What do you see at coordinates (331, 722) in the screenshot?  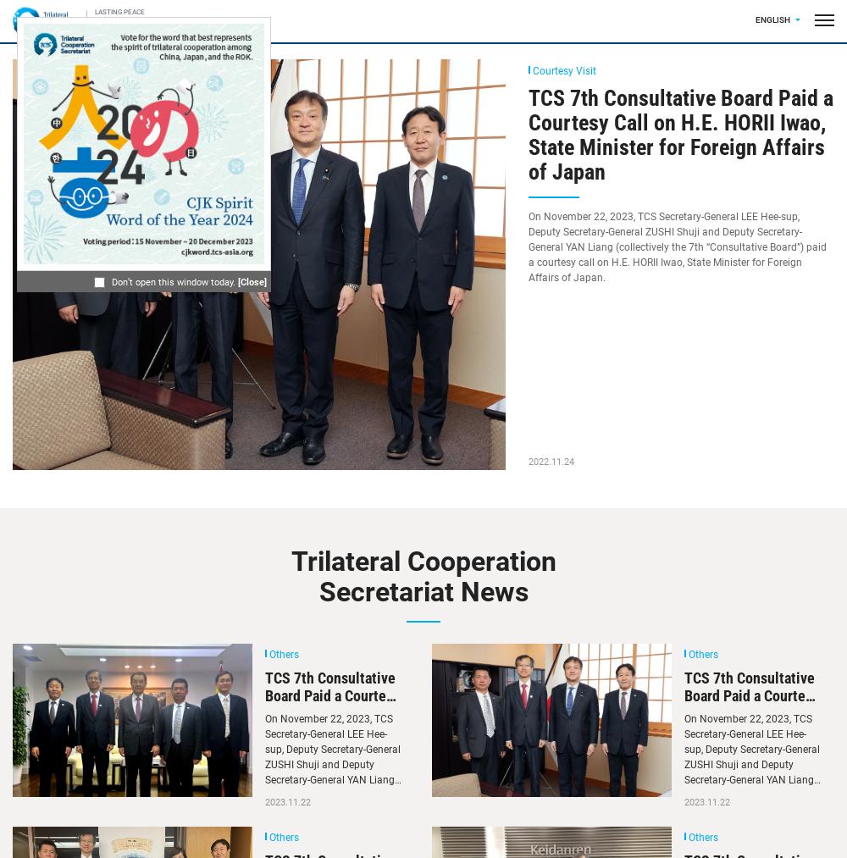 I see `'TCS 7th Consultative Board Paid a Courtesy Call on H.E. WU Jianghao, Ambassador of China in Japan'` at bounding box center [331, 722].